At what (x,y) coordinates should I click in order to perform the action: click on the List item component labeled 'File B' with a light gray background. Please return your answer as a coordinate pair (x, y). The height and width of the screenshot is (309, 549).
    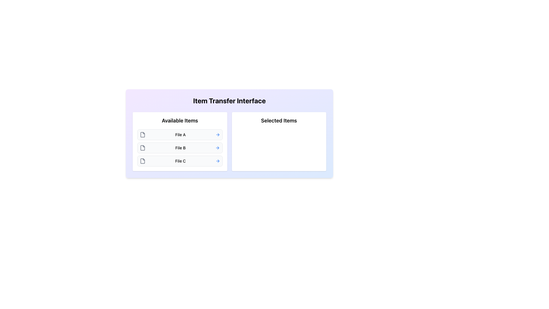
    Looking at the image, I should click on (180, 147).